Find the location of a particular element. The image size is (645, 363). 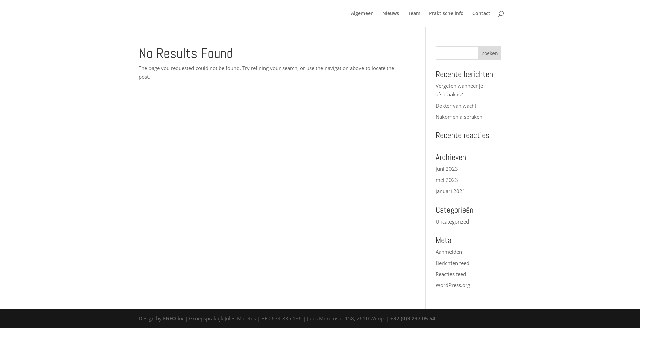

'Praktische info' is located at coordinates (446, 18).